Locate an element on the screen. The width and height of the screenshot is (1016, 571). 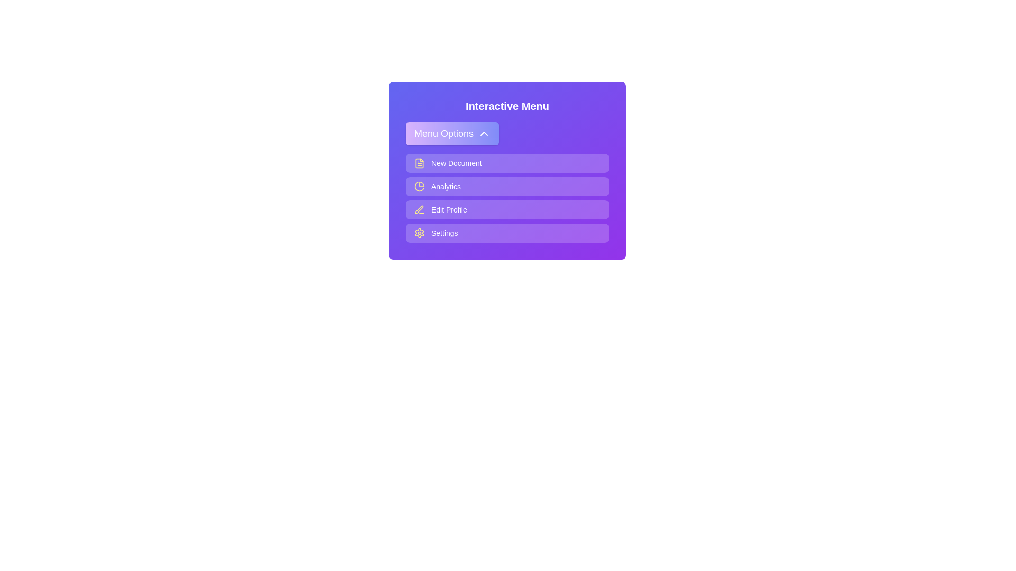
the Dropdown trigger button labeled 'Menu Options' with a gradient background and a downward-facing chevron icon is located at coordinates (452, 133).